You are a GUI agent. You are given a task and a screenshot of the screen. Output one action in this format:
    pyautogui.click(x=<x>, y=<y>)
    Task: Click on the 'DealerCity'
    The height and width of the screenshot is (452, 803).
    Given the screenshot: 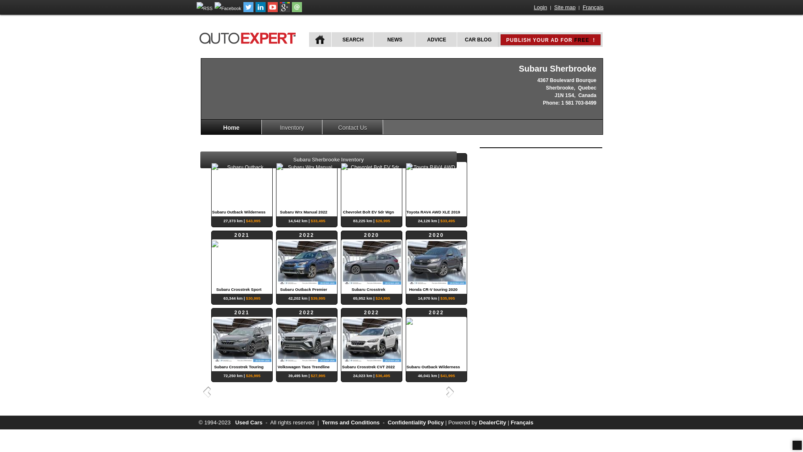 What is the action you would take?
    pyautogui.click(x=492, y=422)
    